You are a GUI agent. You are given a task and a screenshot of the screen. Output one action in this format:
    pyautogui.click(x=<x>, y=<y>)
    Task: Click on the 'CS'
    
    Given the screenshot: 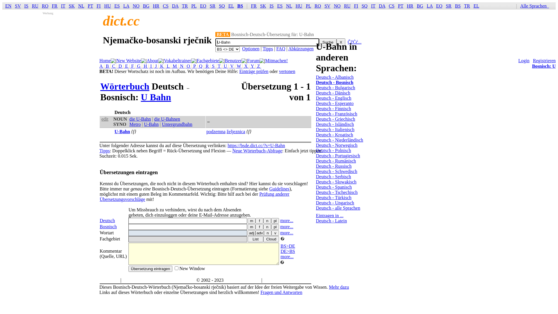 What is the action you would take?
    pyautogui.click(x=165, y=6)
    